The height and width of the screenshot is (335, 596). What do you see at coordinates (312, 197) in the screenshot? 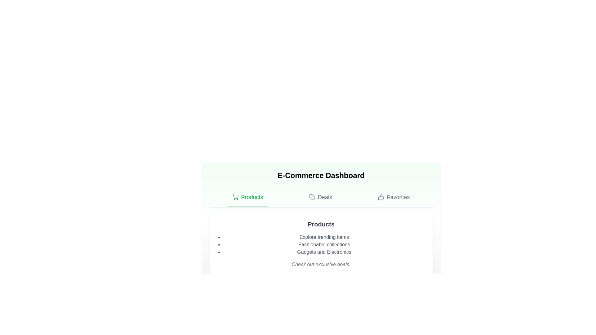
I see `the tag icon located to the left of the 'Deals' text label in the horizontal navigation bar` at bounding box center [312, 197].